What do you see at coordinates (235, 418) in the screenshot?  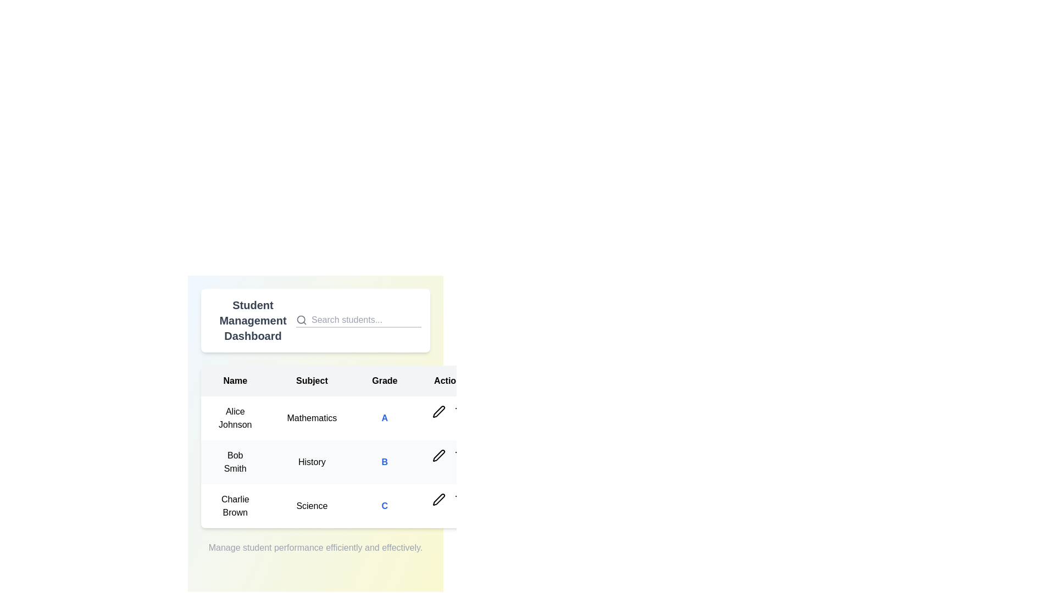 I see `the text display element showing 'Alice Johnson' in the first row of the table under the 'Name' column` at bounding box center [235, 418].